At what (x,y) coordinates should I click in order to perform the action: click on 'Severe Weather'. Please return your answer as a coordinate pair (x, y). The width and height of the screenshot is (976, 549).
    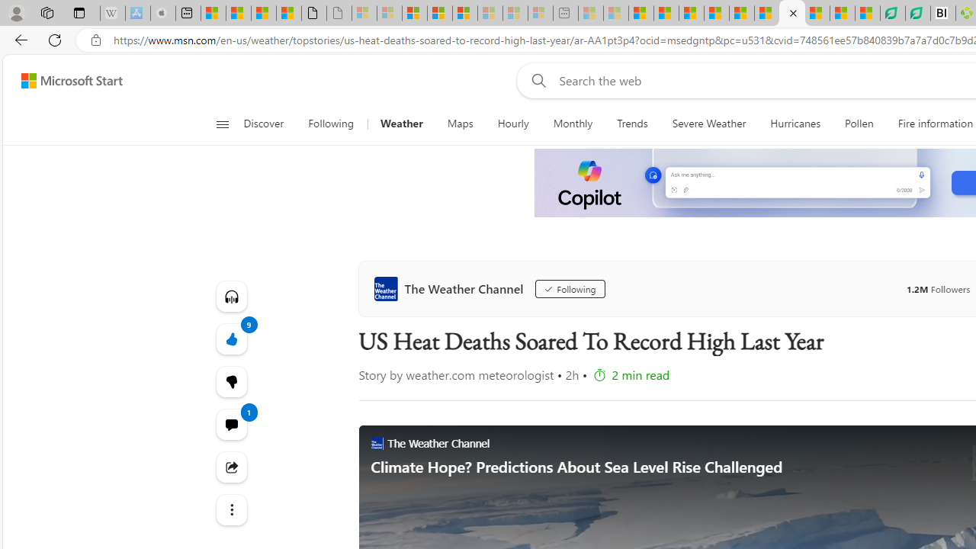
    Looking at the image, I should click on (708, 124).